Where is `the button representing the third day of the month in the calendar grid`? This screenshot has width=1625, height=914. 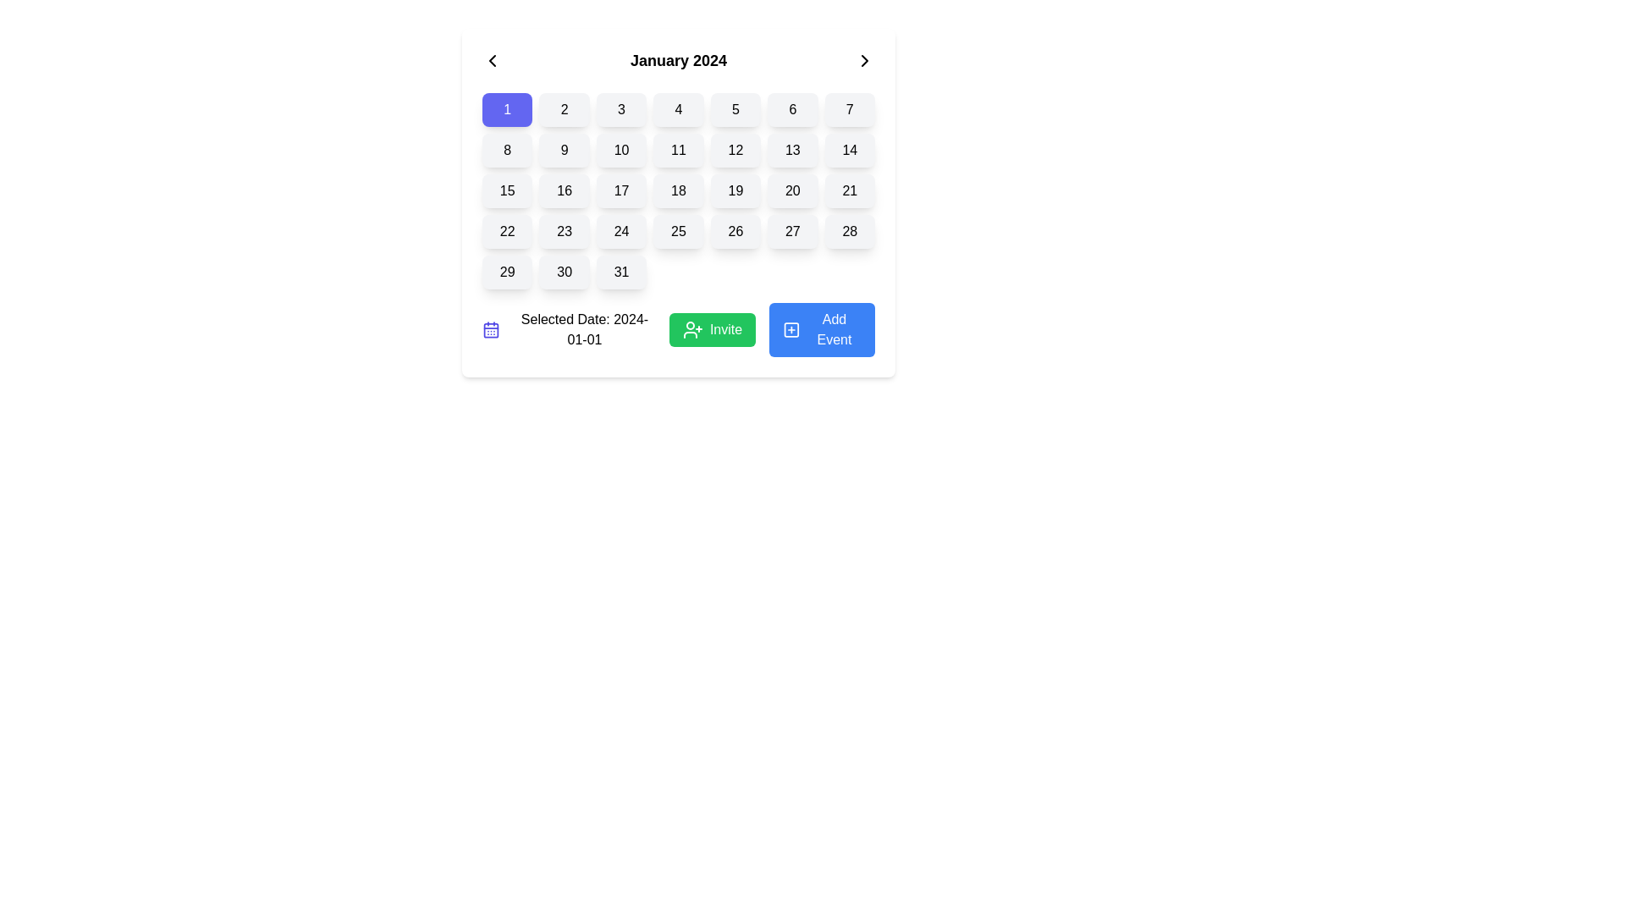 the button representing the third day of the month in the calendar grid is located at coordinates (620, 110).